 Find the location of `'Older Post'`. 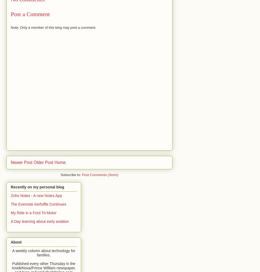

'Older Post' is located at coordinates (43, 162).